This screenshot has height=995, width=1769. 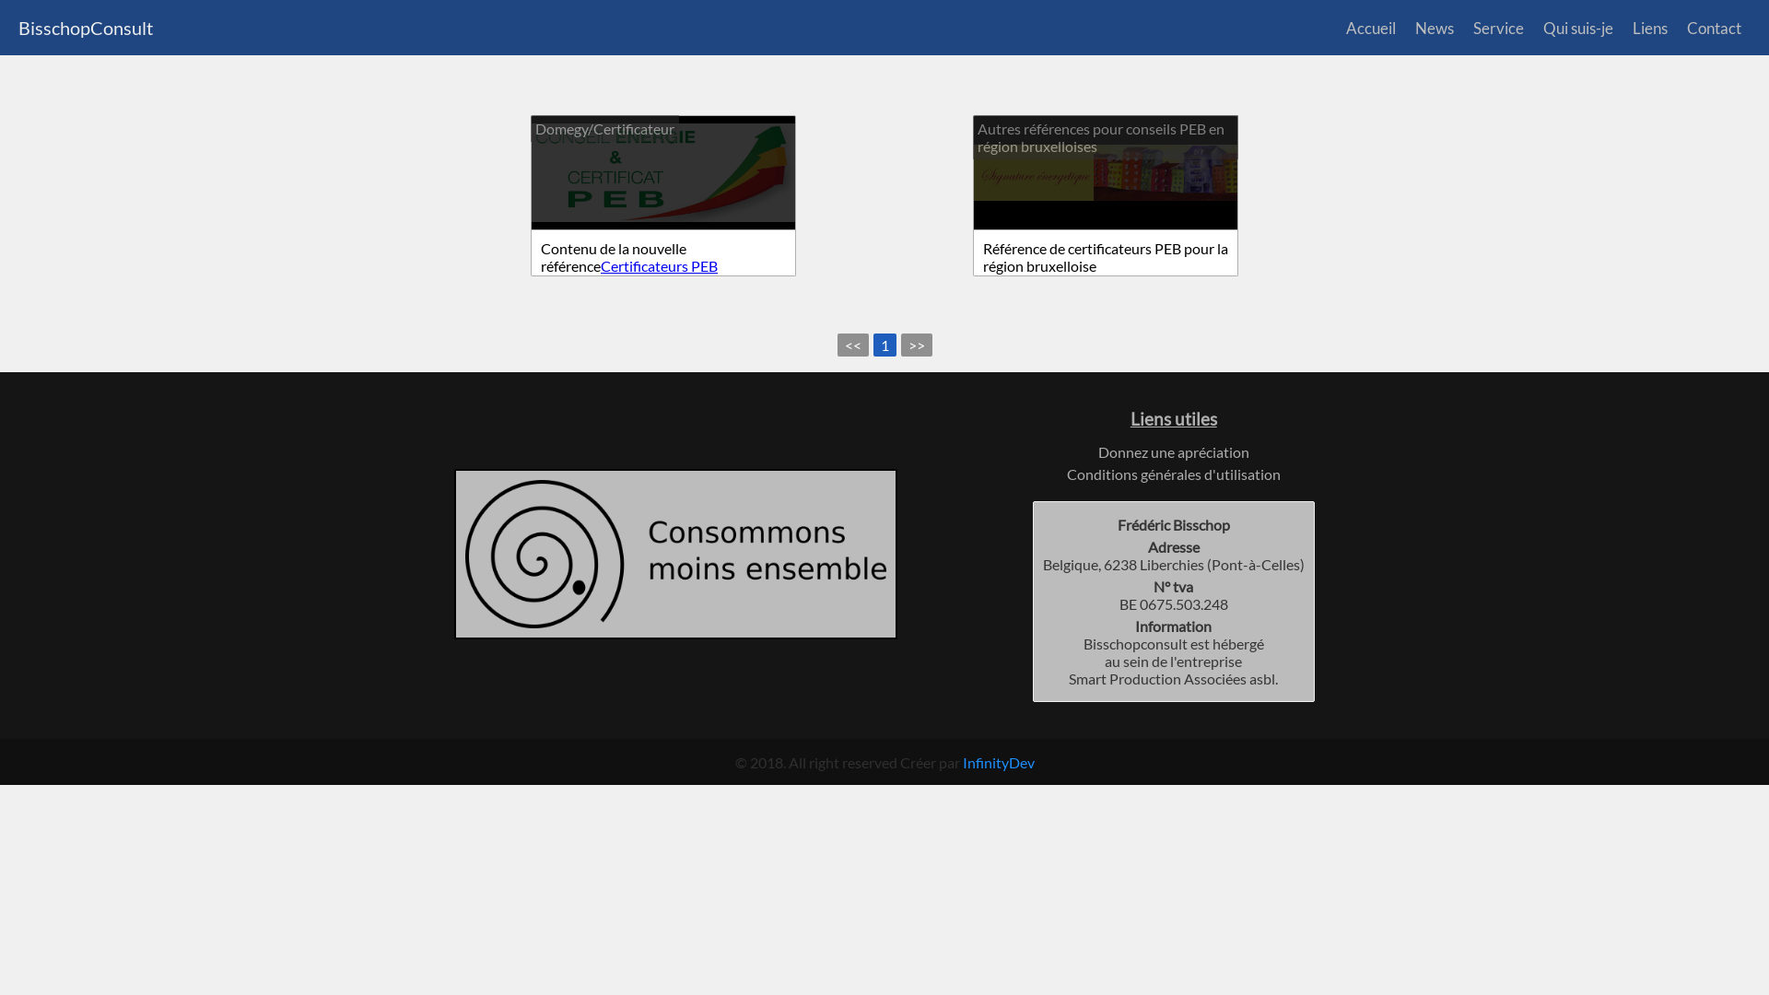 I want to click on '1', so click(x=884, y=345).